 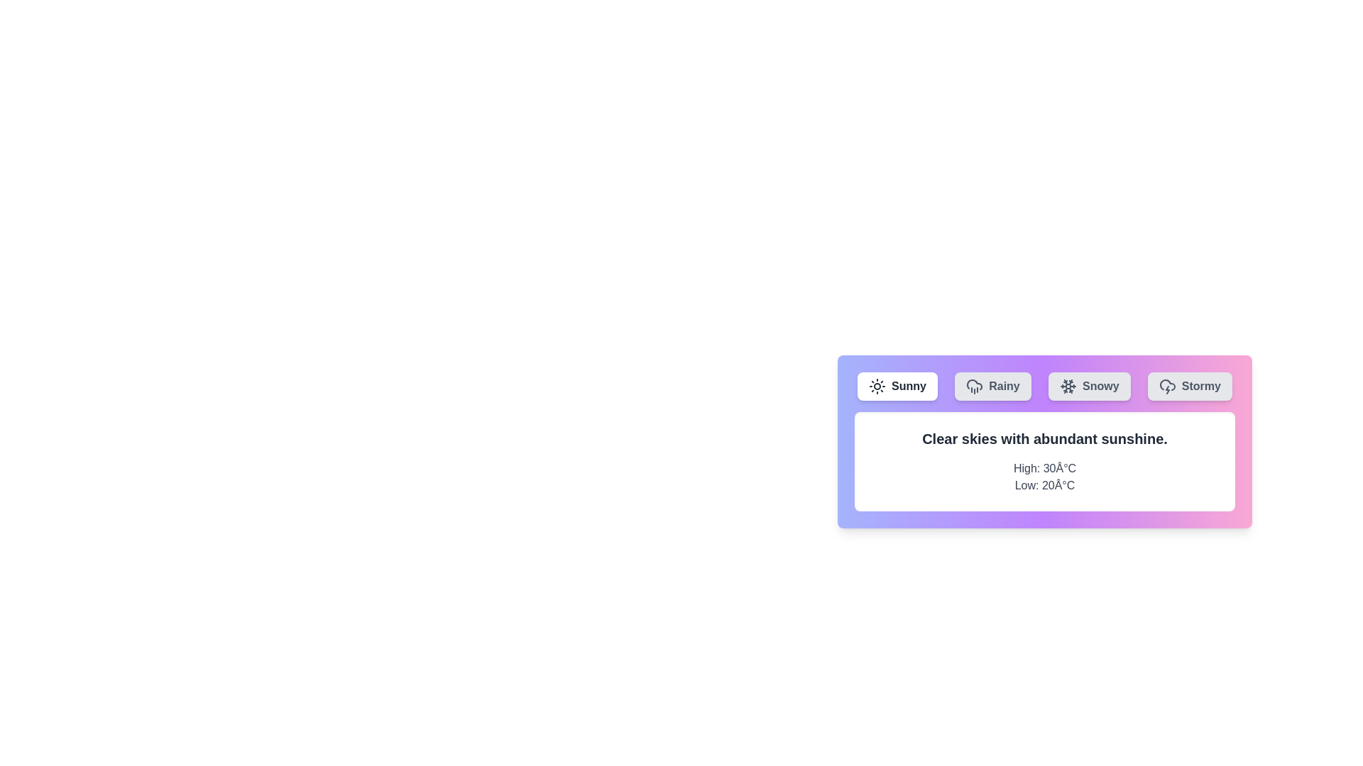 I want to click on the weather tab labeled Snowy, so click(x=1088, y=386).